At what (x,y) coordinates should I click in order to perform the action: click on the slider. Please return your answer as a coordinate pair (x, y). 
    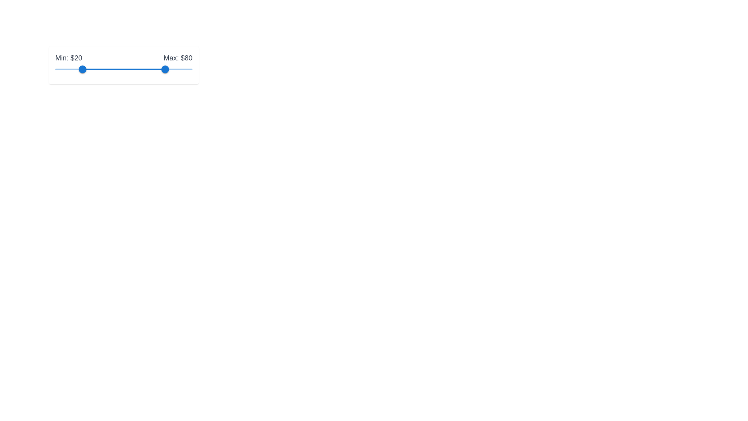
    Looking at the image, I should click on (88, 69).